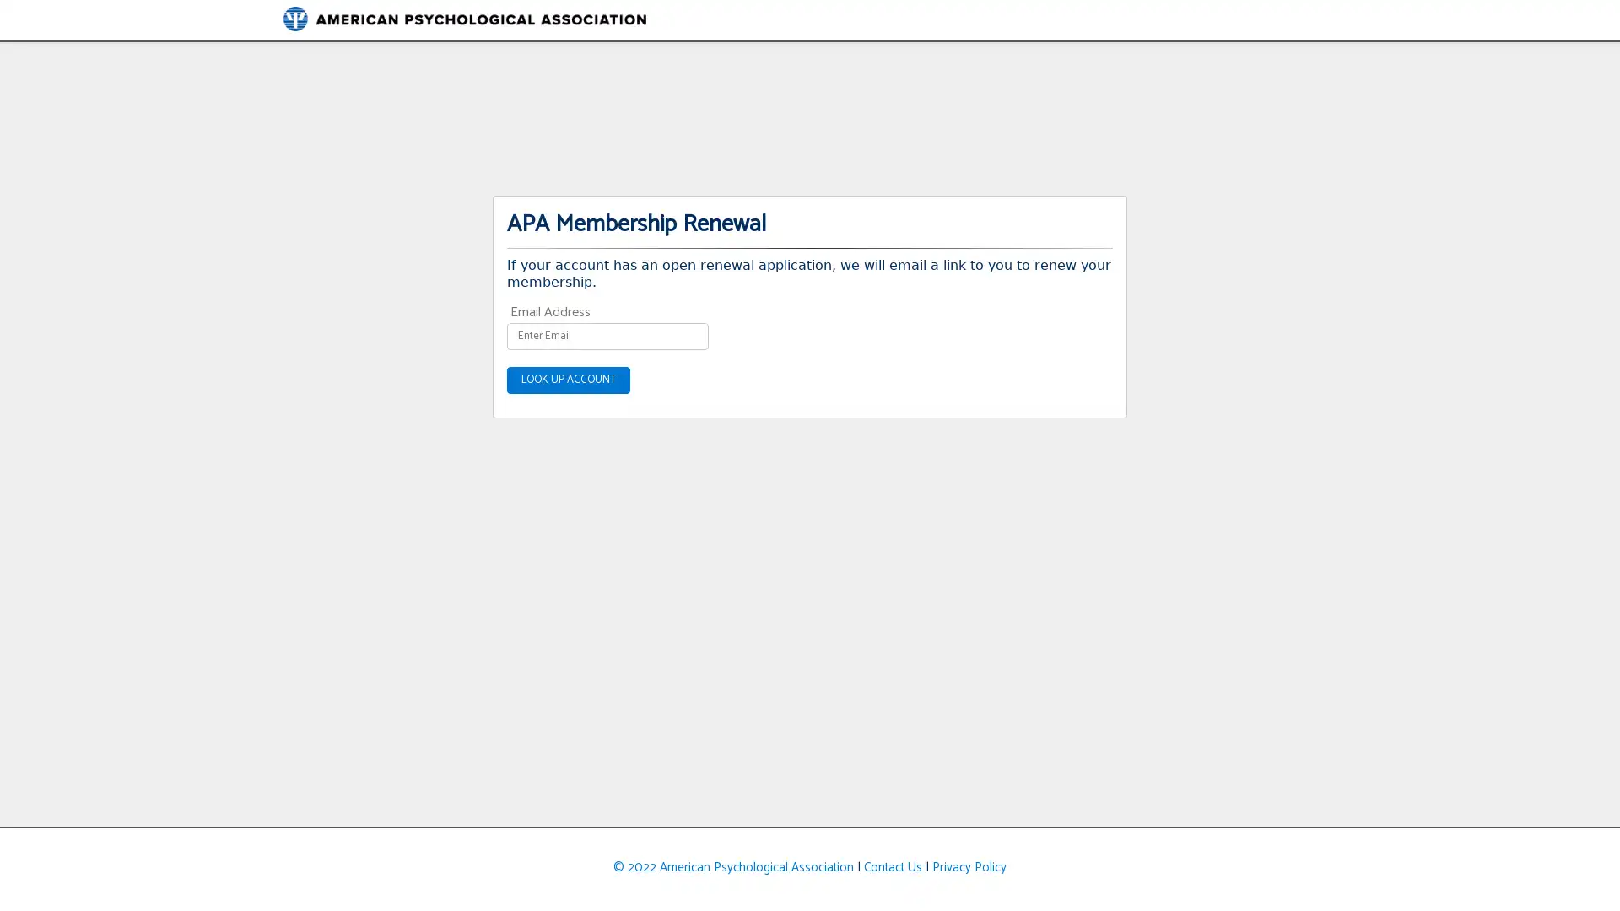  I want to click on LOOK UP ACCOUNT, so click(568, 380).